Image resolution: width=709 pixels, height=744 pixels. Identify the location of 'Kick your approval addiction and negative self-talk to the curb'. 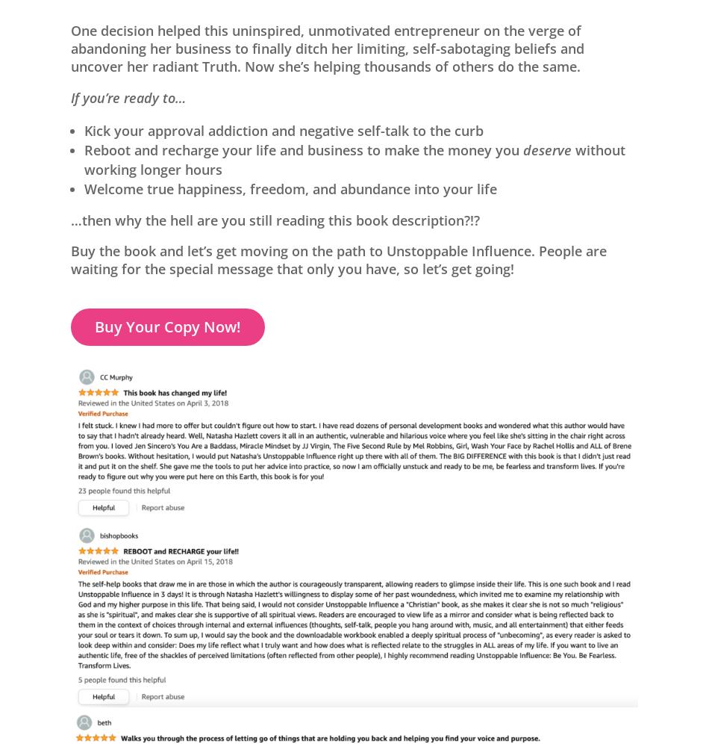
(283, 130).